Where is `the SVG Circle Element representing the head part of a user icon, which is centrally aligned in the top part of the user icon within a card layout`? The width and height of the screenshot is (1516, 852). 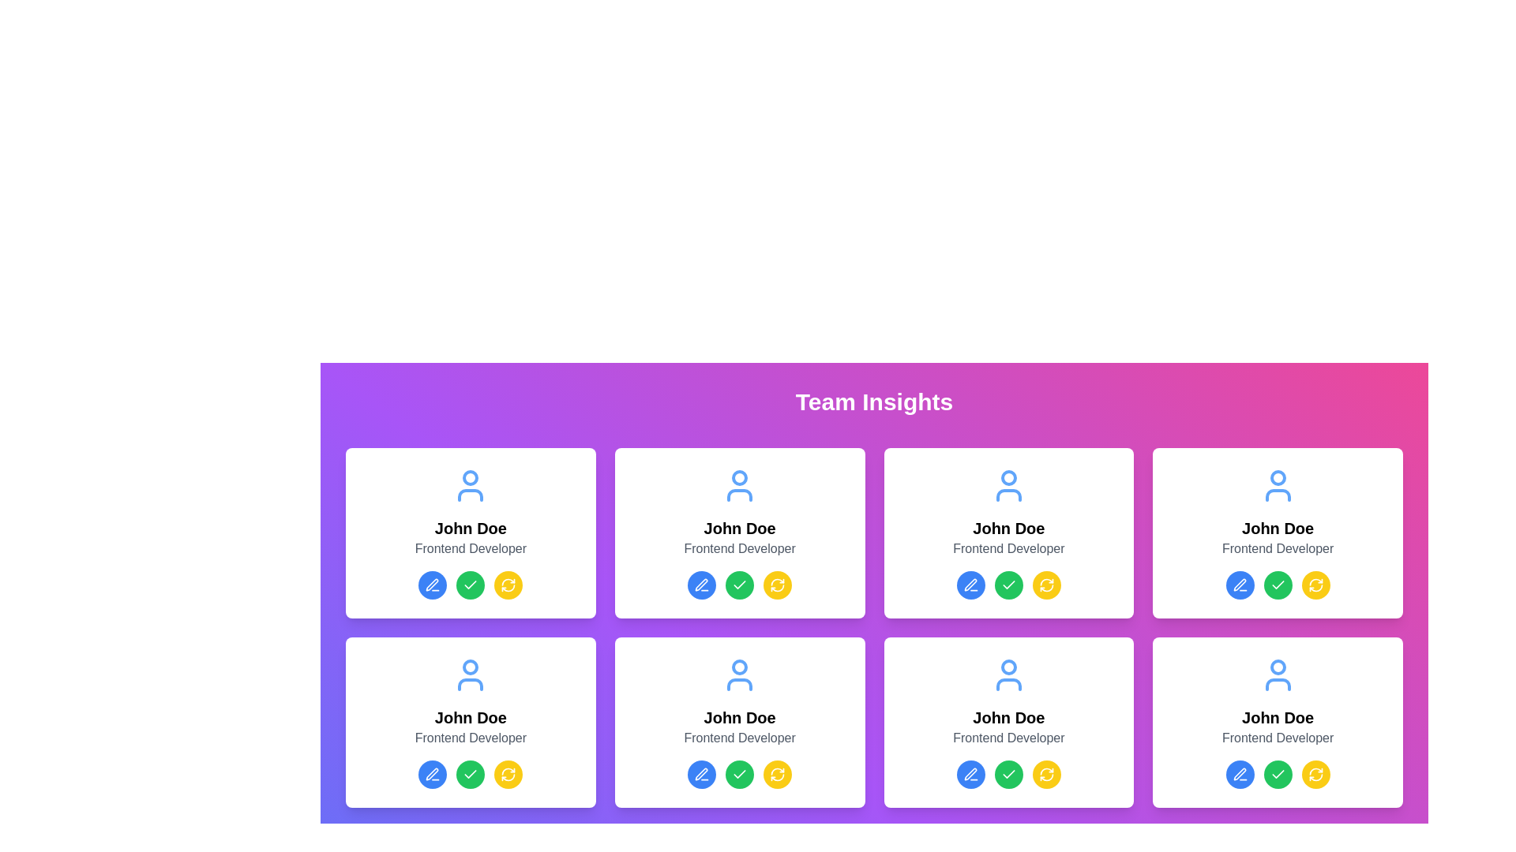 the SVG Circle Element representing the head part of a user icon, which is centrally aligned in the top part of the user icon within a card layout is located at coordinates (470, 667).